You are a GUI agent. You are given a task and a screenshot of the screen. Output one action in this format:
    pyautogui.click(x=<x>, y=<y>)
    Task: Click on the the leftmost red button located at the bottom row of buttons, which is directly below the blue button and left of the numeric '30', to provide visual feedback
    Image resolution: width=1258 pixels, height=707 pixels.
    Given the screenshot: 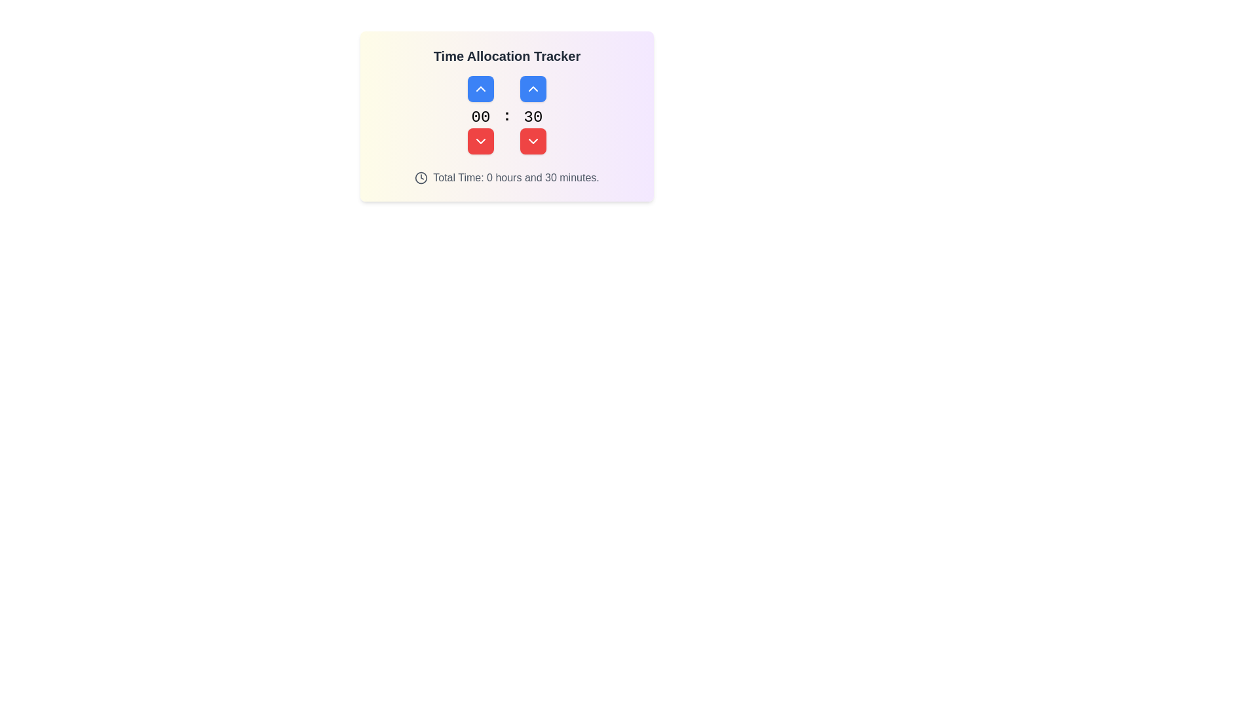 What is the action you would take?
    pyautogui.click(x=480, y=141)
    